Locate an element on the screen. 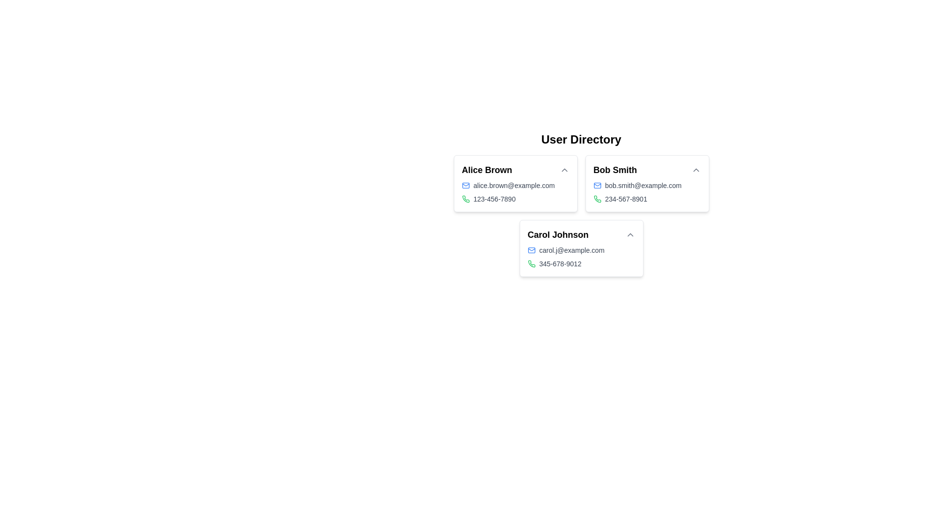 The height and width of the screenshot is (522, 929). the Text label indicating the name of the user associated with the middle card in the layout, positioned centrally at the top section of the middle card is located at coordinates (614, 169).